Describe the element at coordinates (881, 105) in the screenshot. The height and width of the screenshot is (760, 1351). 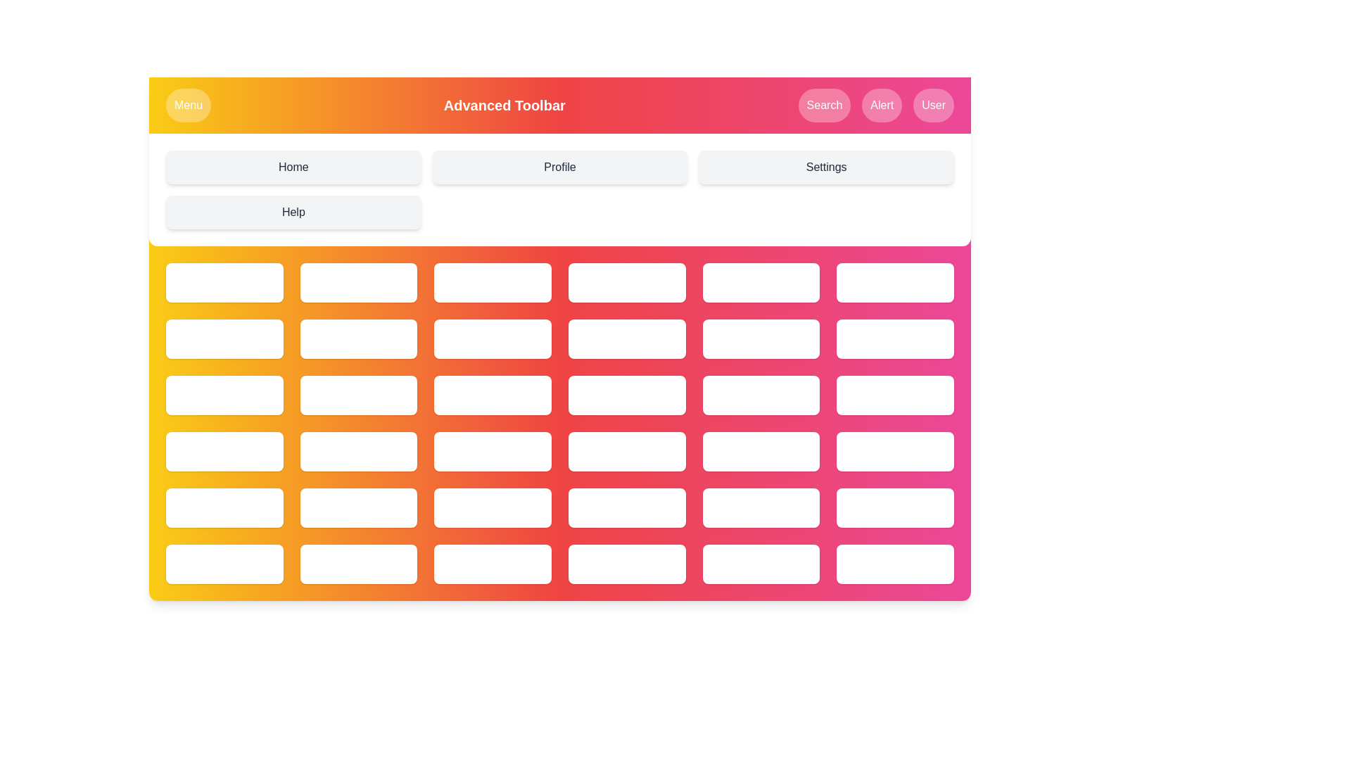
I see `the Alert button in the navigation bar` at that location.